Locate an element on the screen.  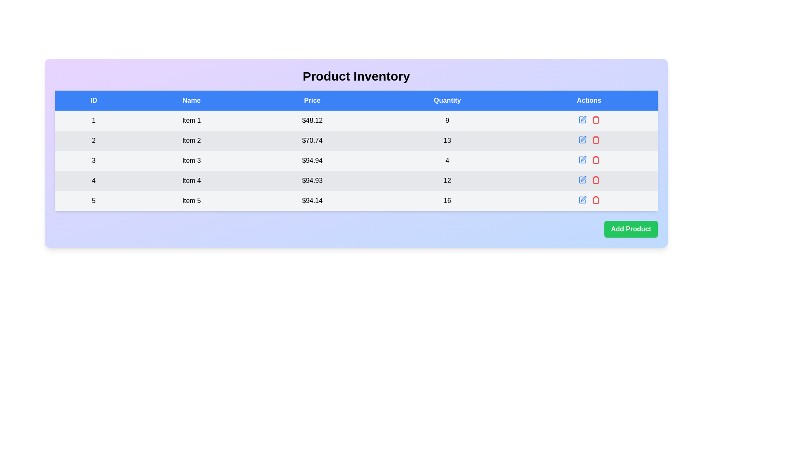
the editing icon in the 'Actions' column of the 4th row of the table is located at coordinates (582, 180).